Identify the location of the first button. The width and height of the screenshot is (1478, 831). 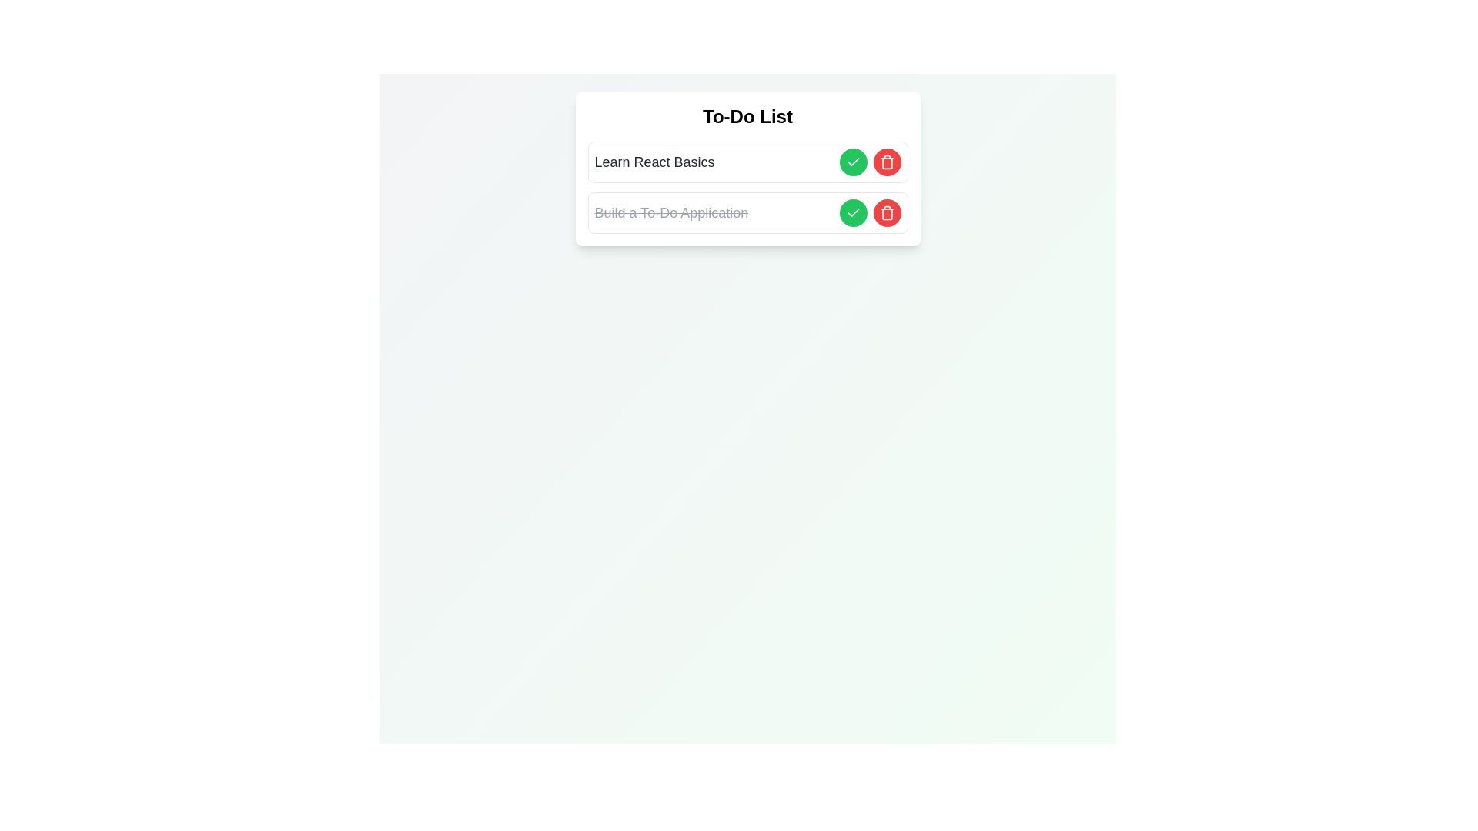
(852, 162).